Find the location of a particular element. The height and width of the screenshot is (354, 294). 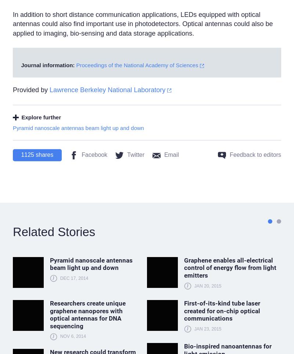

'Journal information:' is located at coordinates (20, 65).